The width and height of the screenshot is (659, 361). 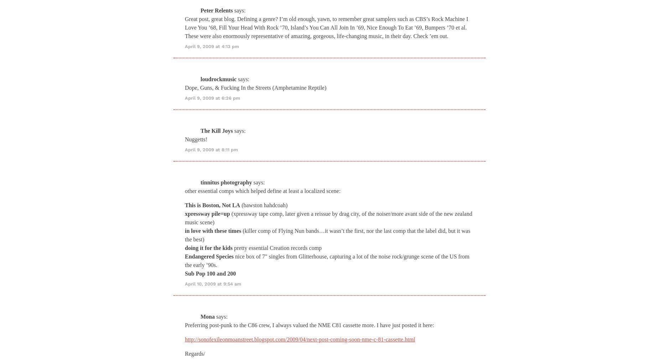 What do you see at coordinates (216, 10) in the screenshot?
I see `'Peter Relents'` at bounding box center [216, 10].